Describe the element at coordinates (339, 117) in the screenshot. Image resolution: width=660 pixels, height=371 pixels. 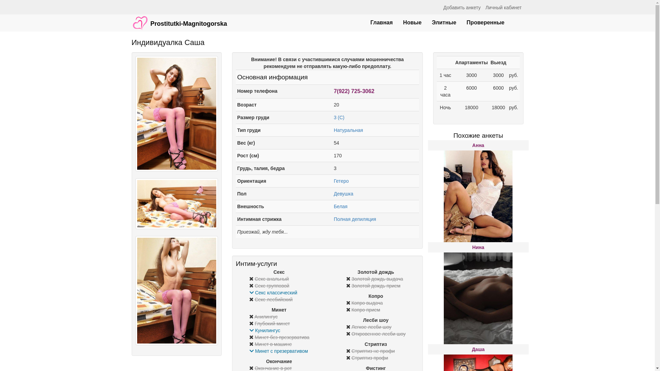
I see `'3 (C)'` at that location.